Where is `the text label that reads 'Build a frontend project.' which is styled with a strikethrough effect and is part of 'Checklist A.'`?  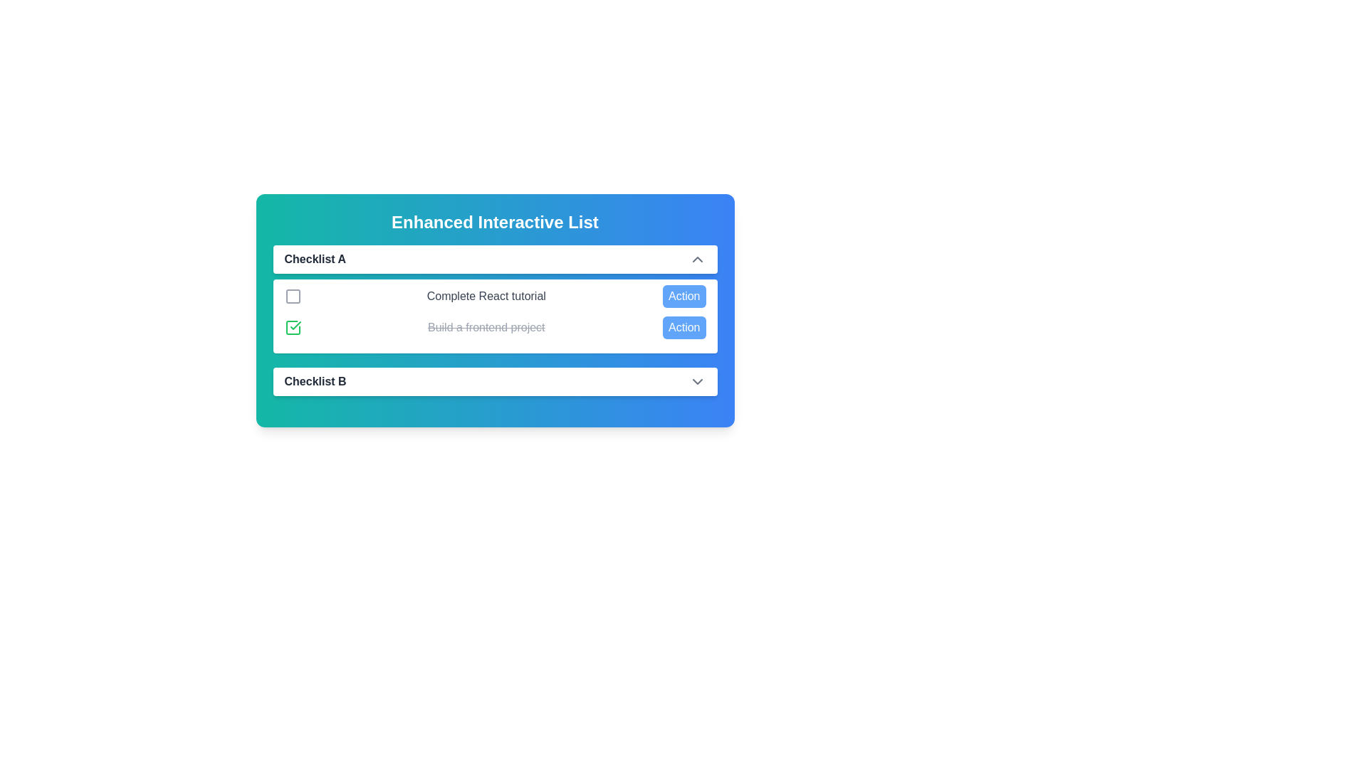
the text label that reads 'Build a frontend project.' which is styled with a strikethrough effect and is part of 'Checklist A.' is located at coordinates (486, 328).